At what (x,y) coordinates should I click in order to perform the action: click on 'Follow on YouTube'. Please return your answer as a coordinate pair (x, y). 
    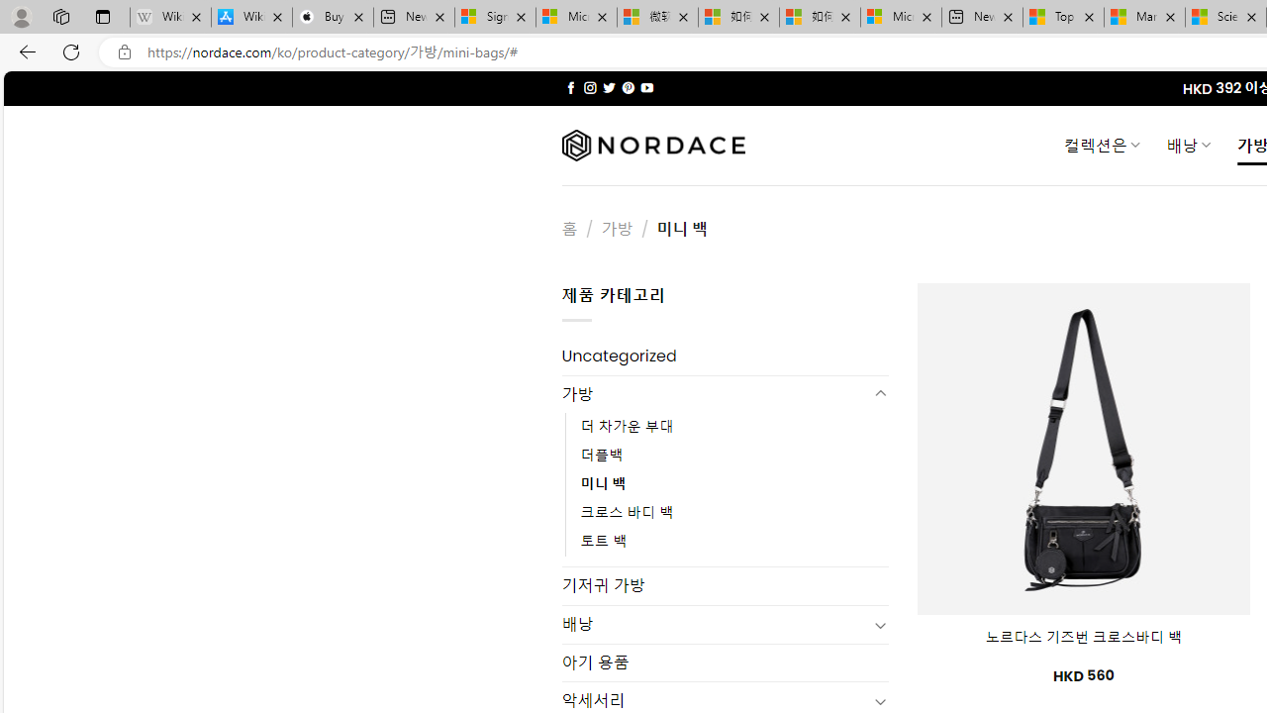
    Looking at the image, I should click on (646, 87).